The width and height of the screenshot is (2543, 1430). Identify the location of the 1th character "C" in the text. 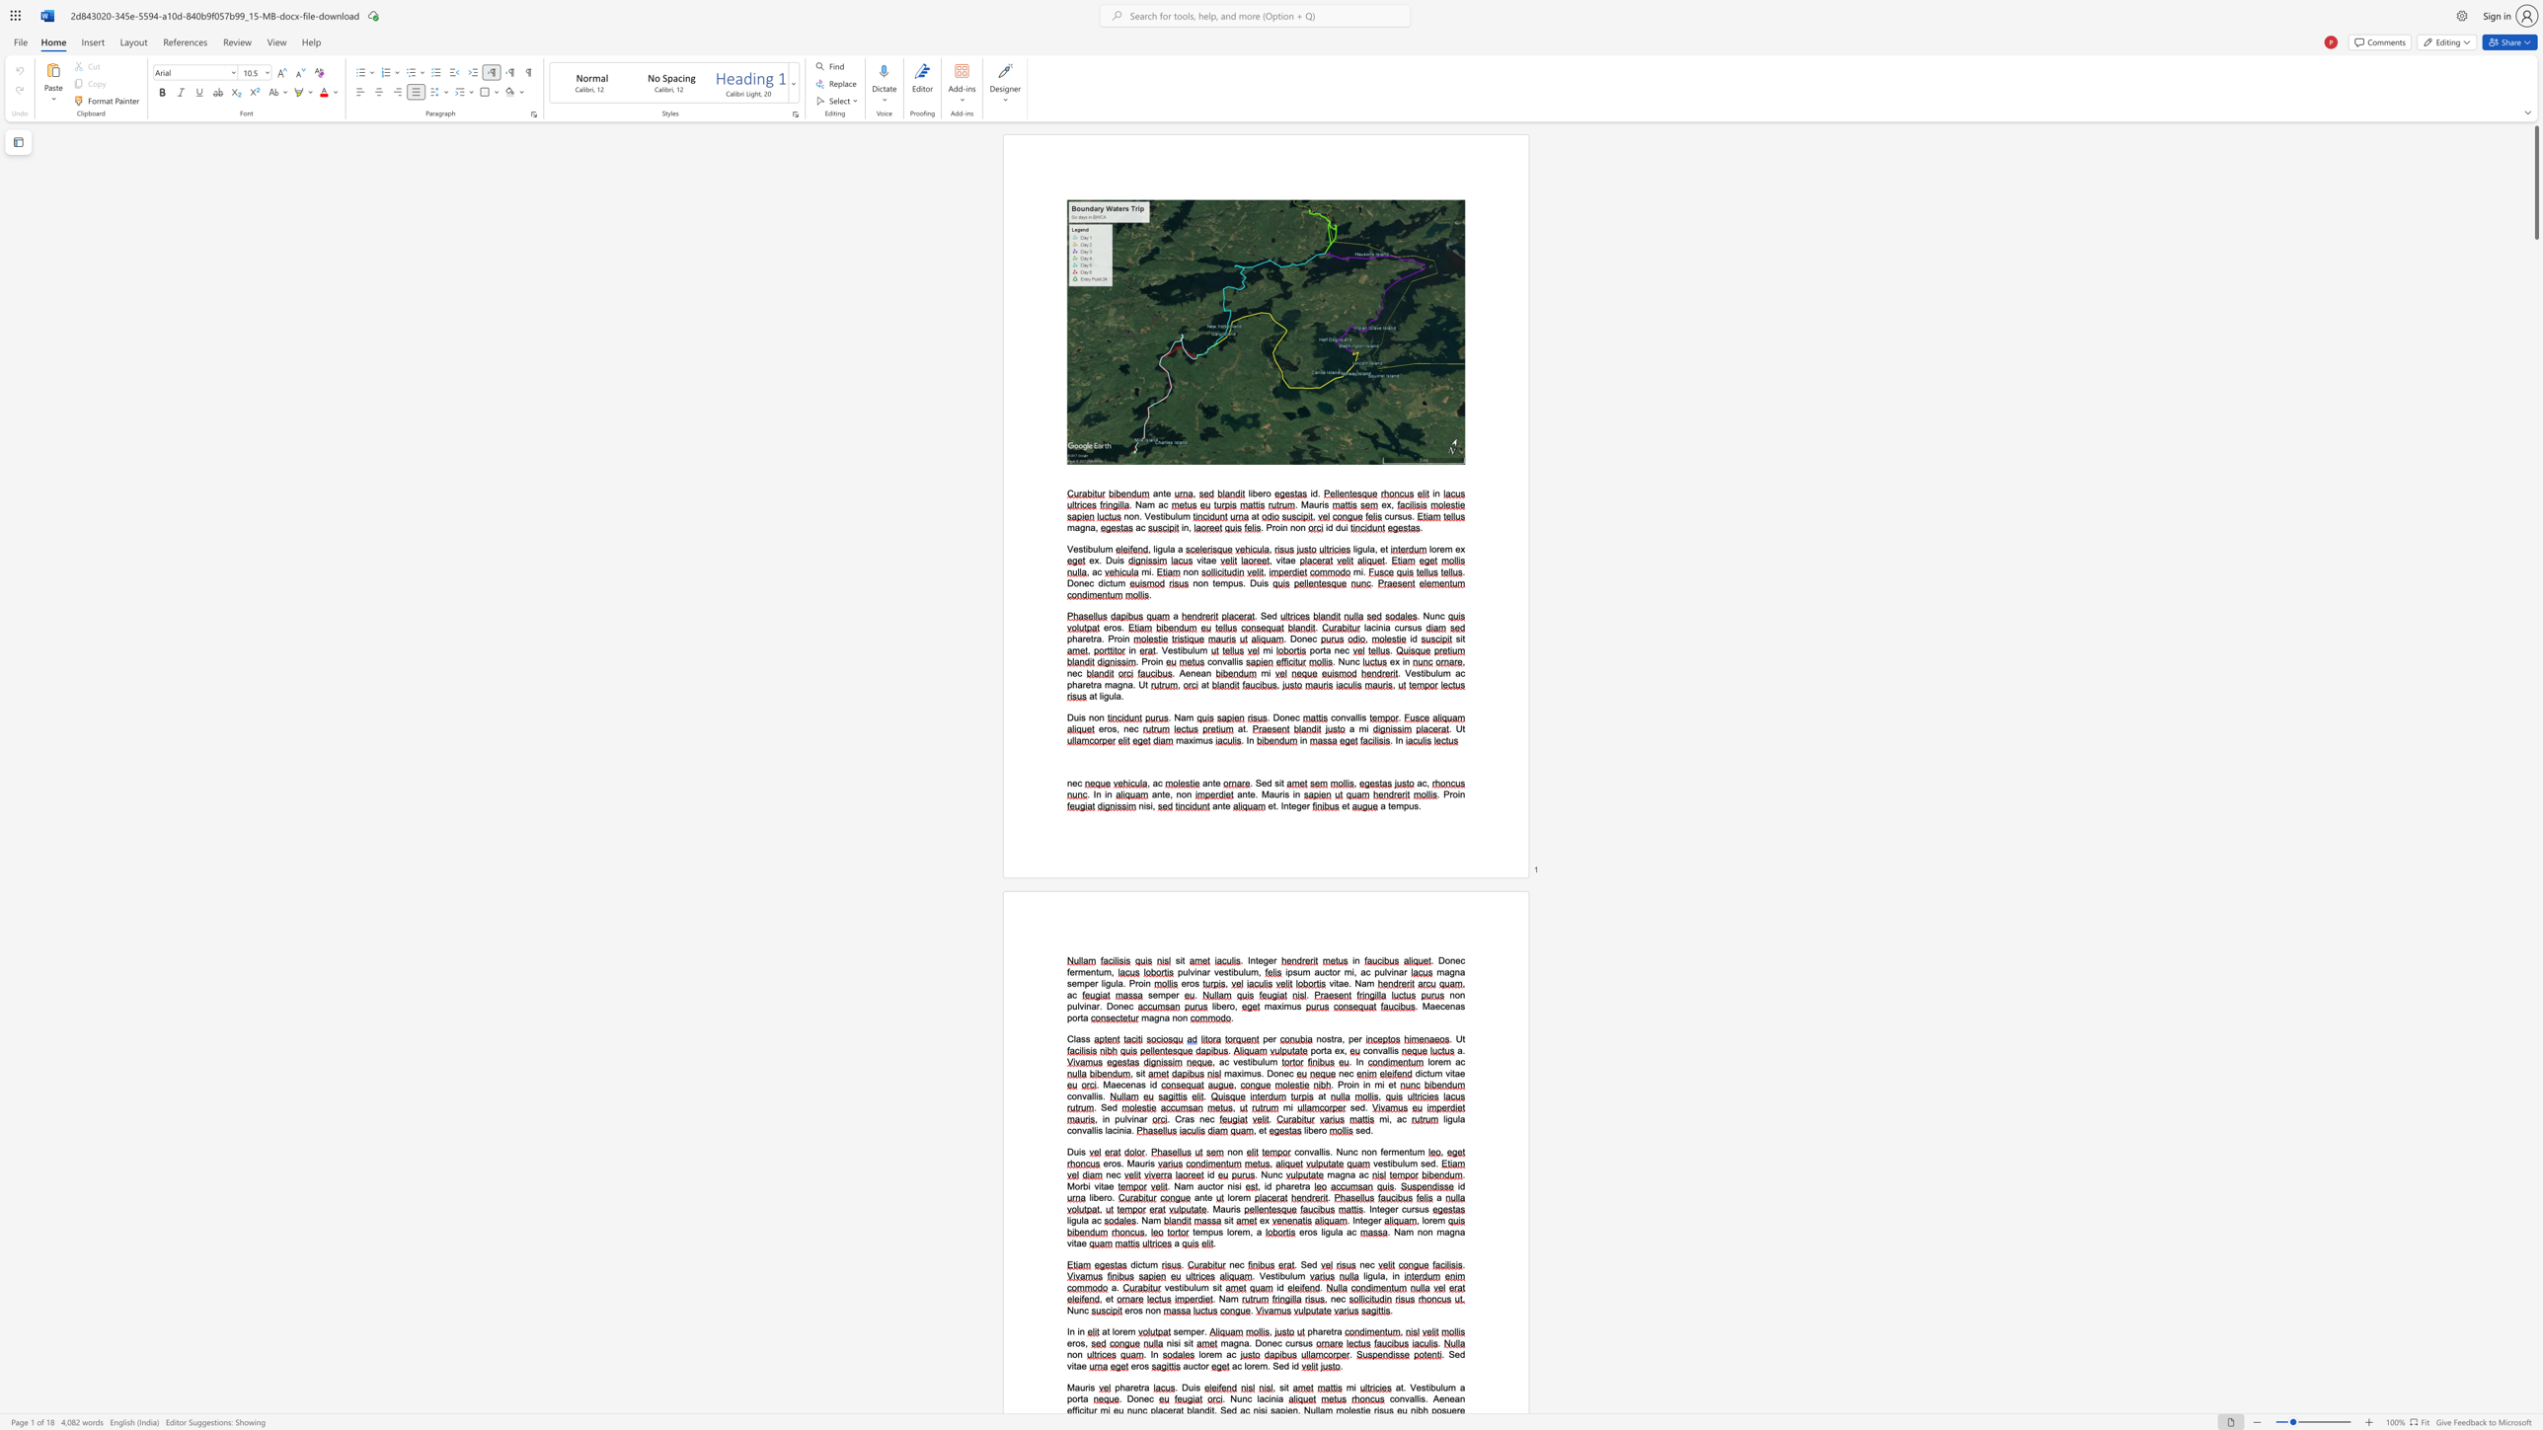
(1178, 1118).